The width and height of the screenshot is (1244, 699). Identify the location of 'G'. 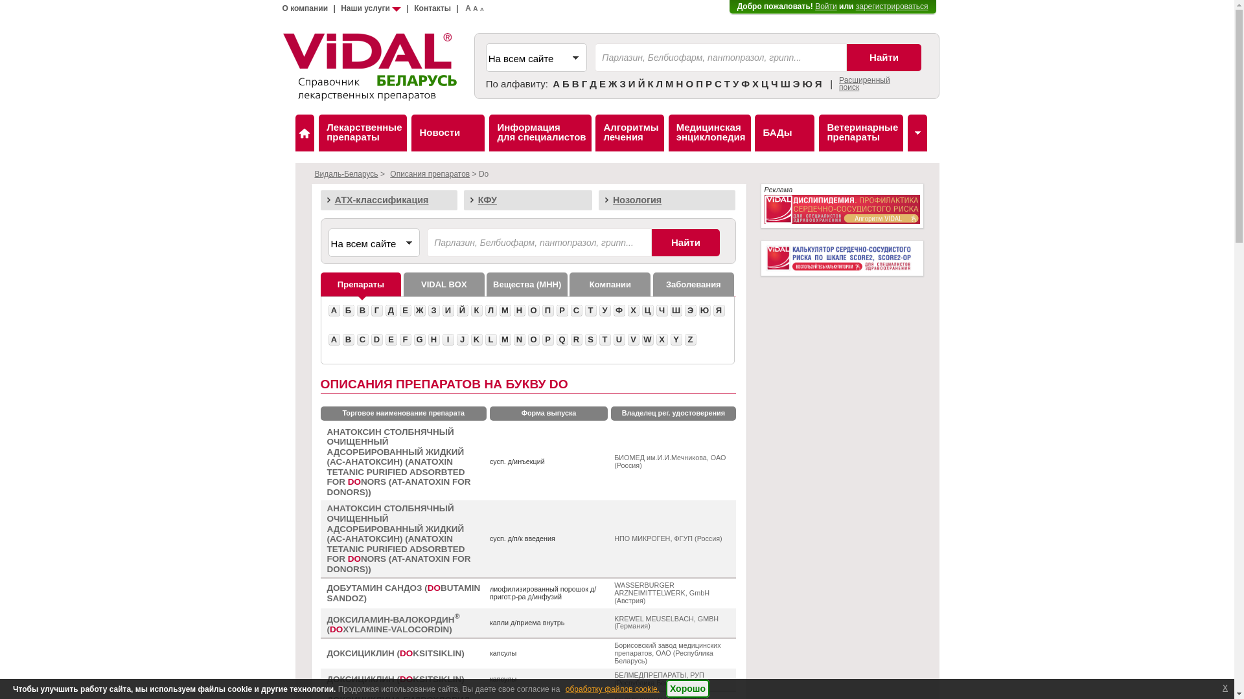
(419, 338).